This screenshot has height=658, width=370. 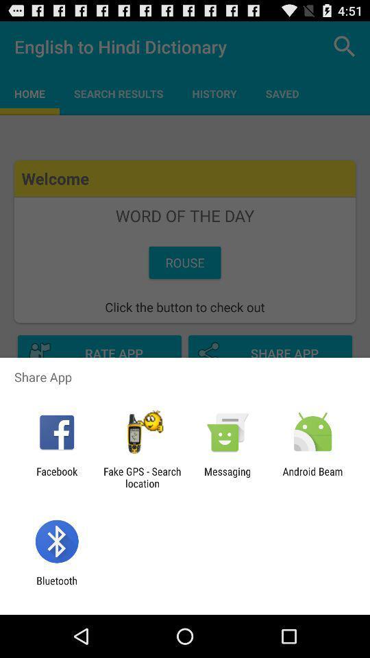 I want to click on the fake gps search app, so click(x=141, y=477).